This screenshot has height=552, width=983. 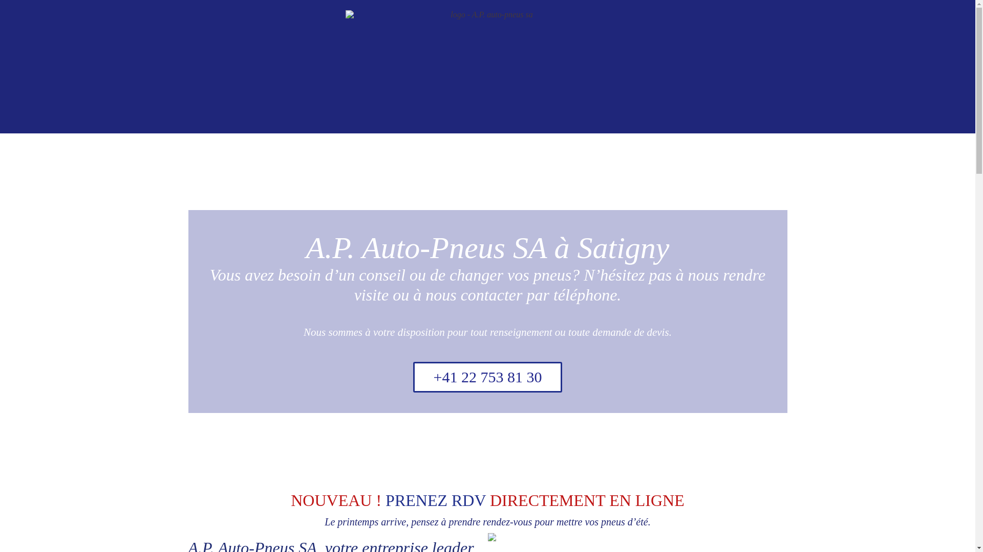 I want to click on 'PRENEZ RDV', so click(x=435, y=500).